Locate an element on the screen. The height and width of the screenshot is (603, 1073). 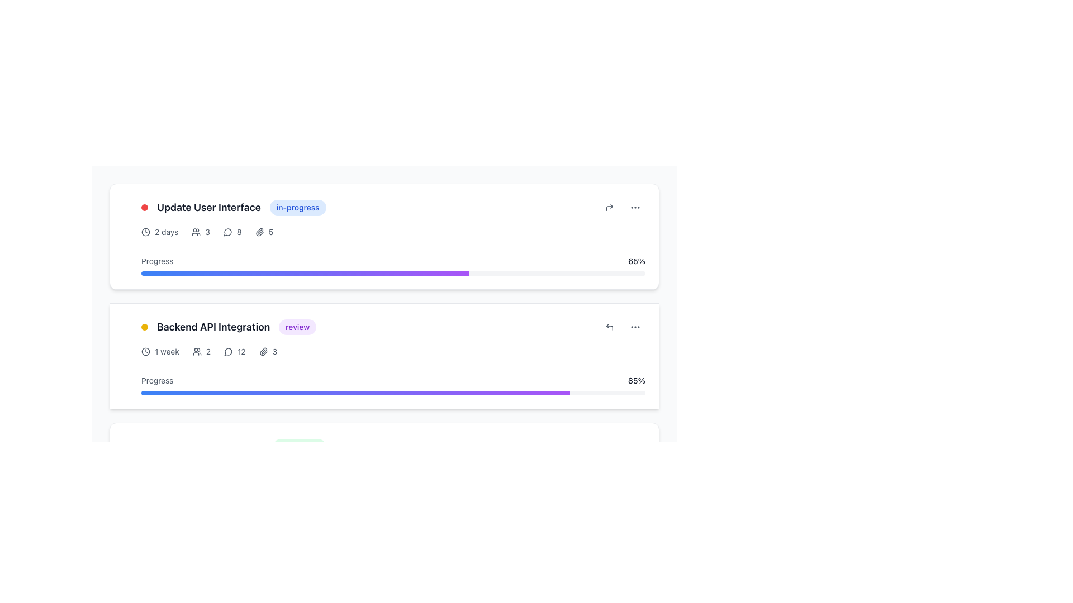
progress is located at coordinates (141, 273).